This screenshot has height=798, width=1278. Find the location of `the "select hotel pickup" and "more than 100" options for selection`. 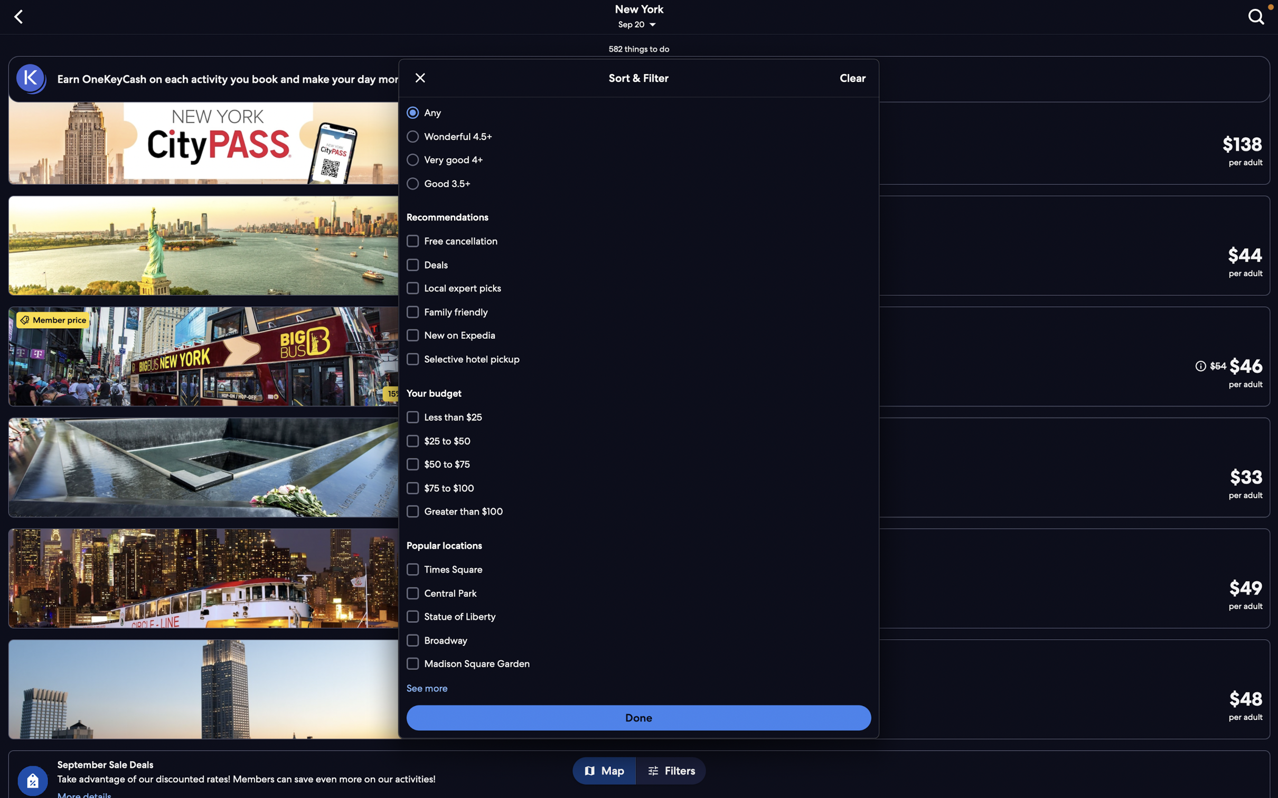

the "select hotel pickup" and "more than 100" options for selection is located at coordinates (639, 358).